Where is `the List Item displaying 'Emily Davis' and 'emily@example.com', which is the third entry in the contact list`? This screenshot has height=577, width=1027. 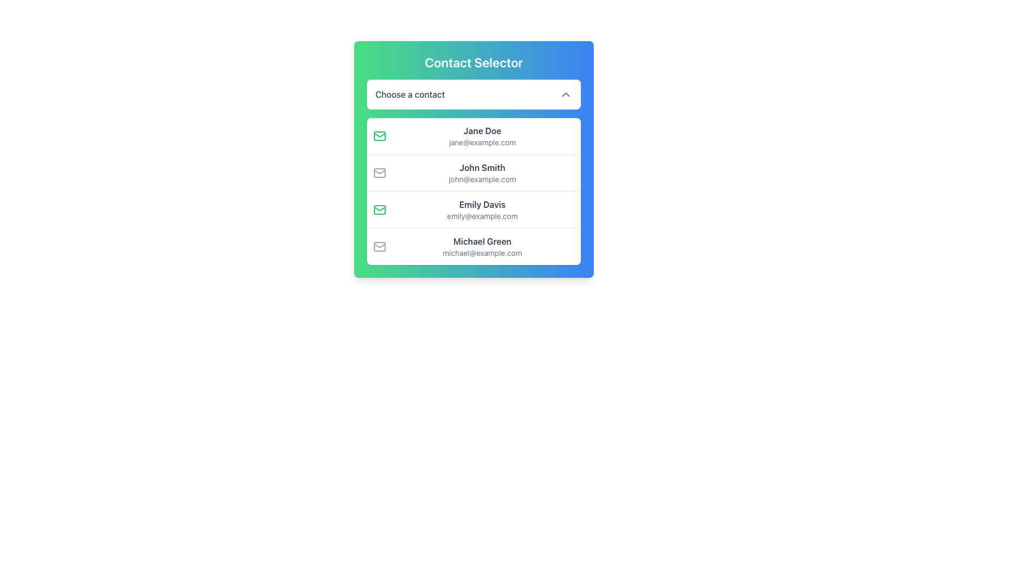
the List Item displaying 'Emily Davis' and 'emily@example.com', which is the third entry in the contact list is located at coordinates (482, 210).